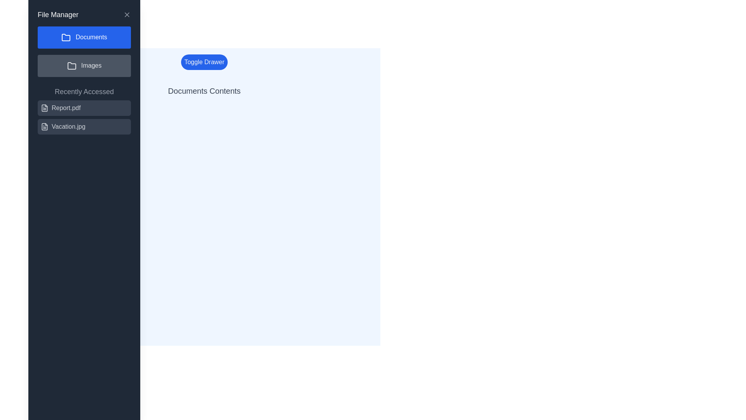 Image resolution: width=746 pixels, height=420 pixels. What do you see at coordinates (84, 126) in the screenshot?
I see `the list item representing the file 'Vacation.jpg' located in the 'Recently Accessed' section of the 'File Manager'` at bounding box center [84, 126].